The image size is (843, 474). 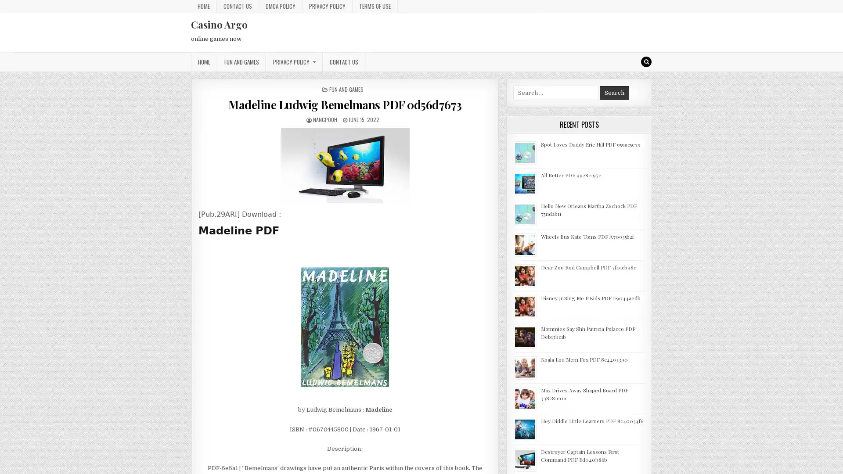 I want to click on Search, so click(x=614, y=93).